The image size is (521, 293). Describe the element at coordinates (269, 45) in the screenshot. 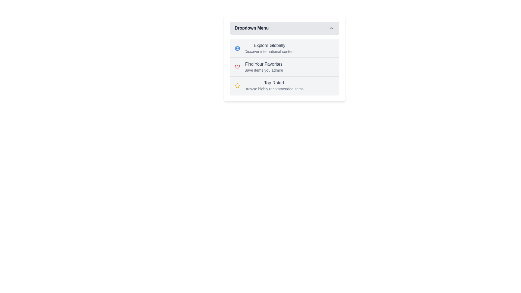

I see `the 'Explore Globally' text label, which is the first item in the dropdown menu under the 'Dropdown Menu' heading` at that location.